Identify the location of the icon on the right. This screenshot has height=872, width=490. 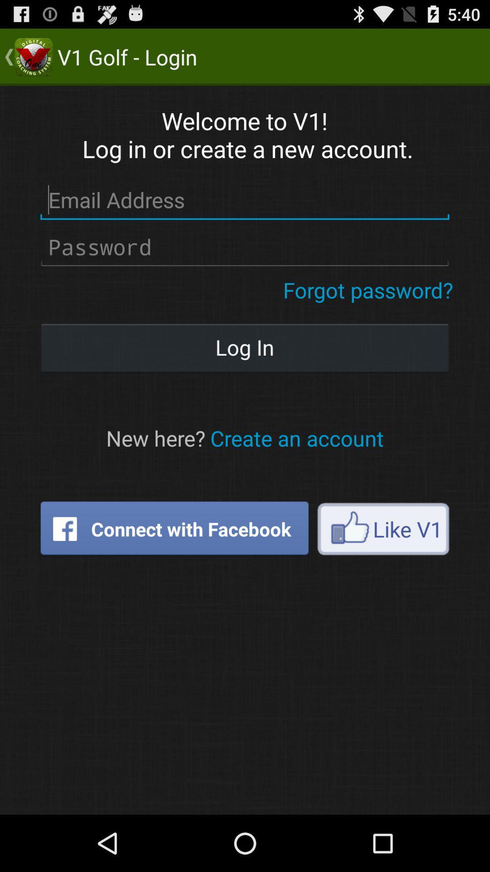
(383, 529).